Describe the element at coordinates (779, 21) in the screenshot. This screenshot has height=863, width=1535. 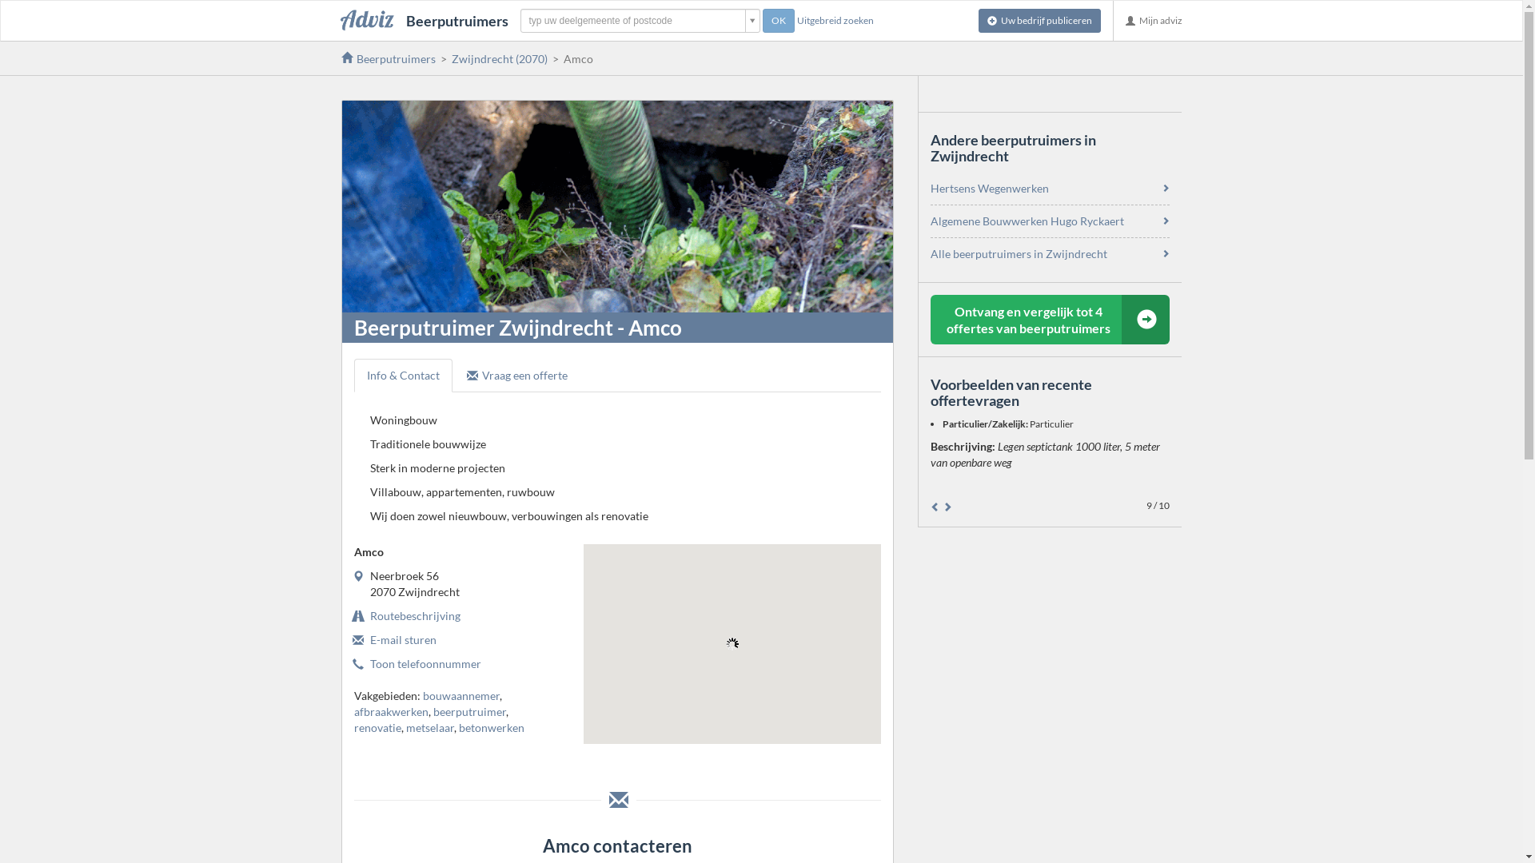
I see `'OK'` at that location.